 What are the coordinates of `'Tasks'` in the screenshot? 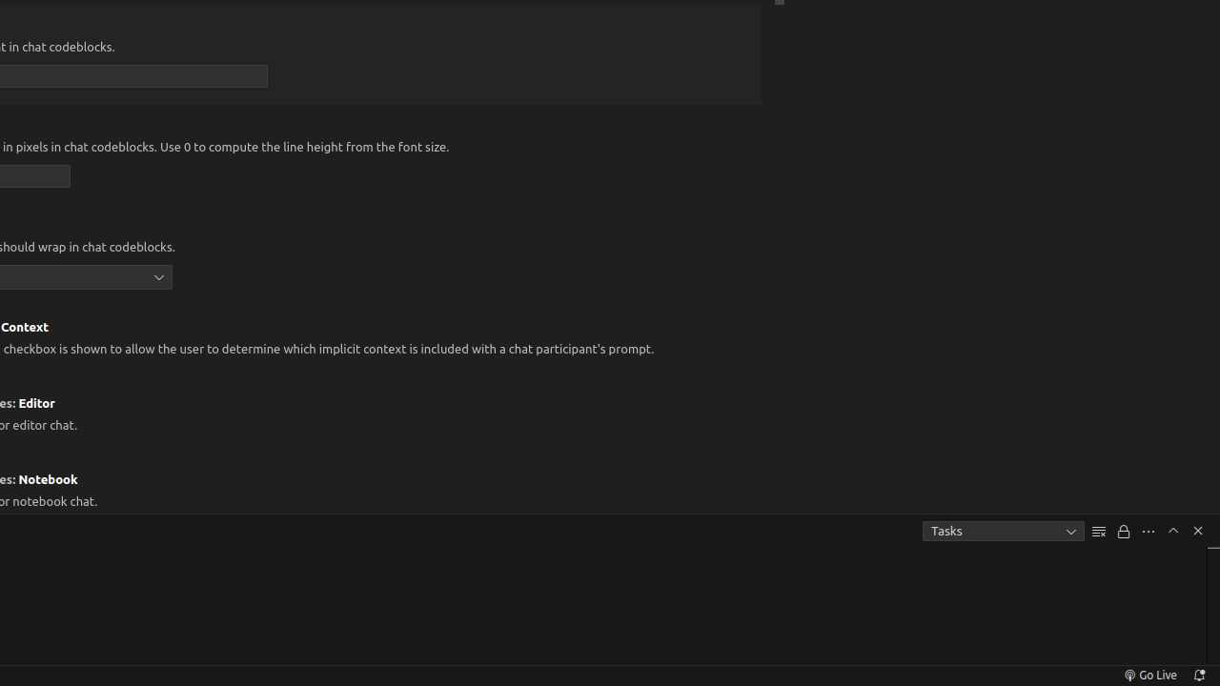 It's located at (1003, 531).